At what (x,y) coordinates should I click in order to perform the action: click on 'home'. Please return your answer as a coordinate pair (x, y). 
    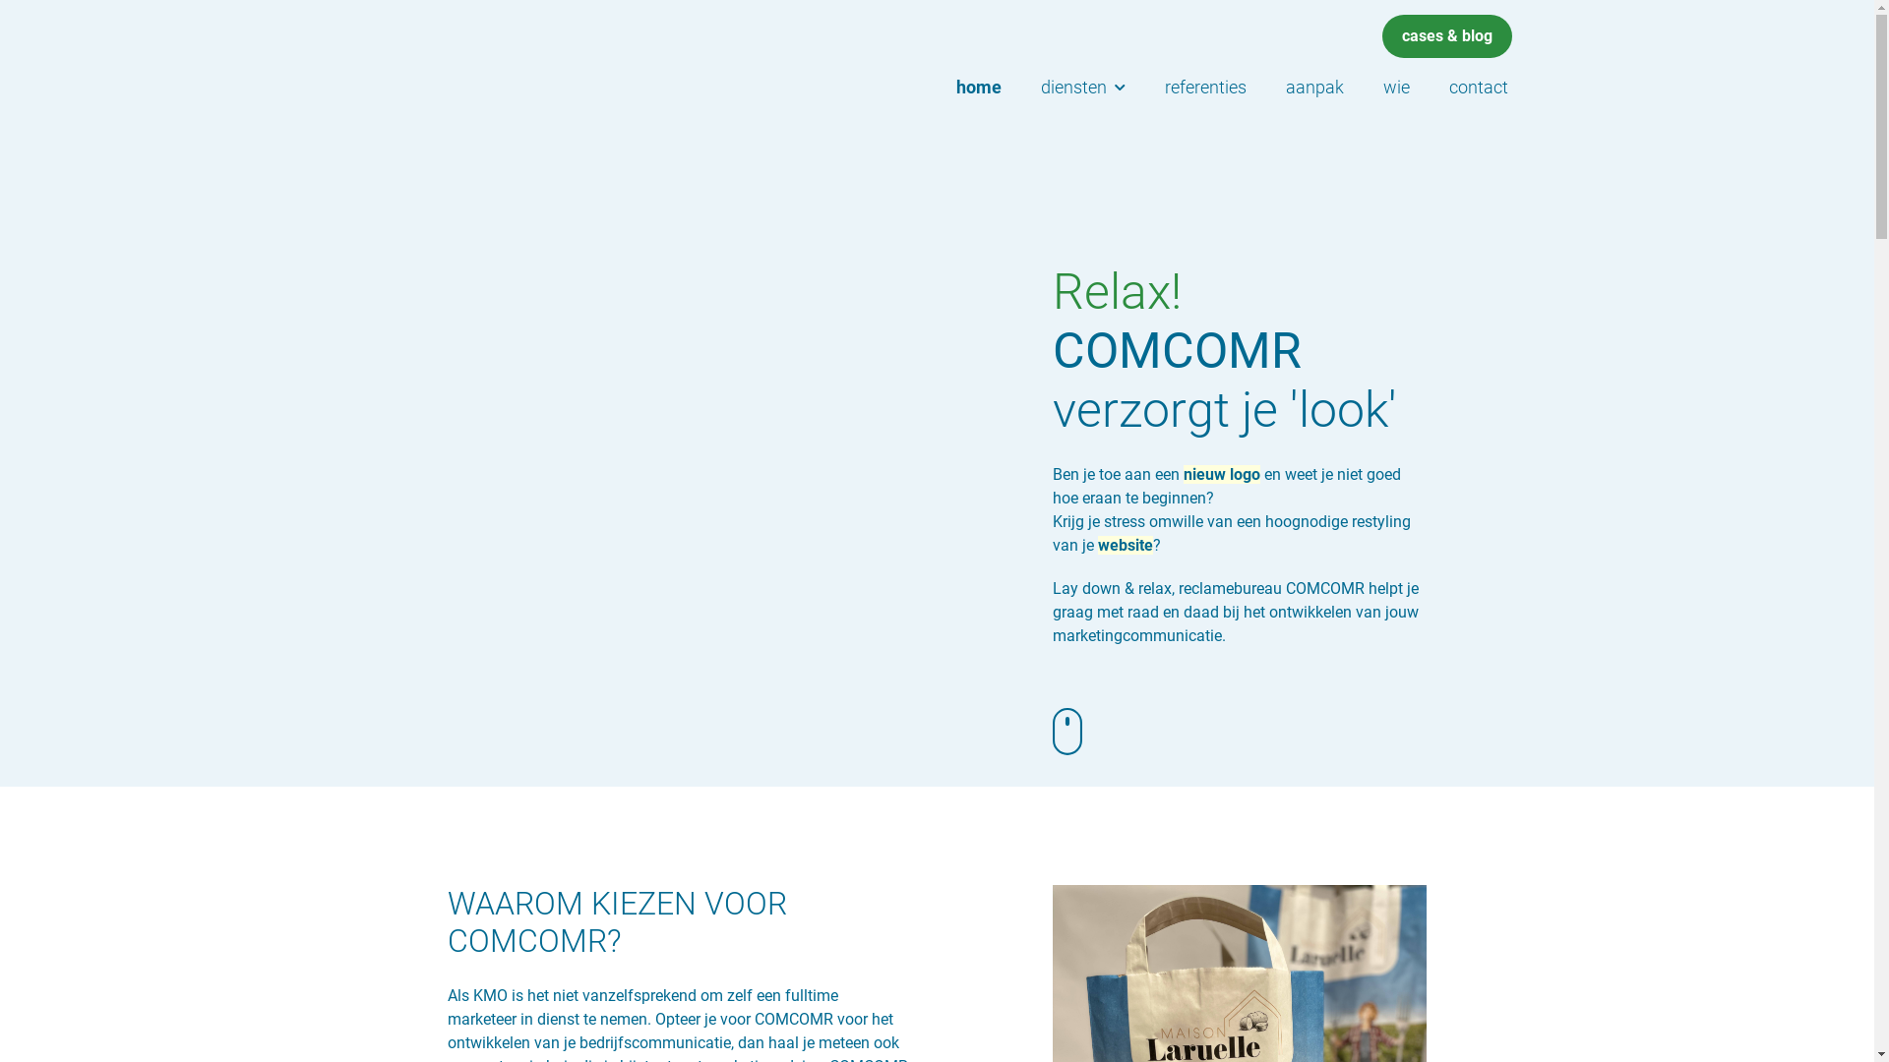
    Looking at the image, I should click on (978, 86).